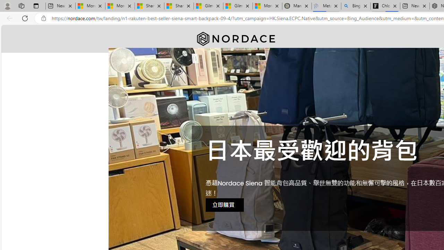 This screenshot has width=444, height=250. Describe the element at coordinates (297, 6) in the screenshot. I see `'Manatee Mortality Statistics | FWC'` at that location.